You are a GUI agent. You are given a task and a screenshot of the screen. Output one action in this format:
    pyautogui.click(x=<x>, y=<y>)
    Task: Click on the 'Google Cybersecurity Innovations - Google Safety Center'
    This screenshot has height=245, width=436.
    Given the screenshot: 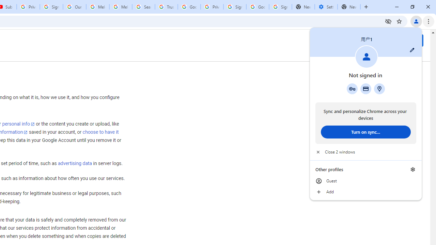 What is the action you would take?
    pyautogui.click(x=257, y=7)
    